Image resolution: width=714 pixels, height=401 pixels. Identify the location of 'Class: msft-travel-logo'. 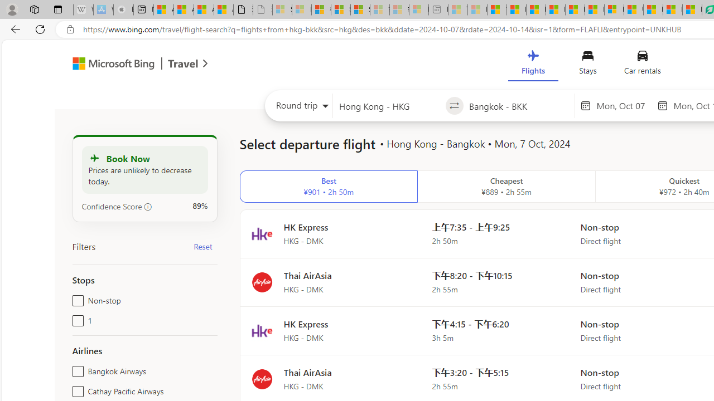
(183, 63).